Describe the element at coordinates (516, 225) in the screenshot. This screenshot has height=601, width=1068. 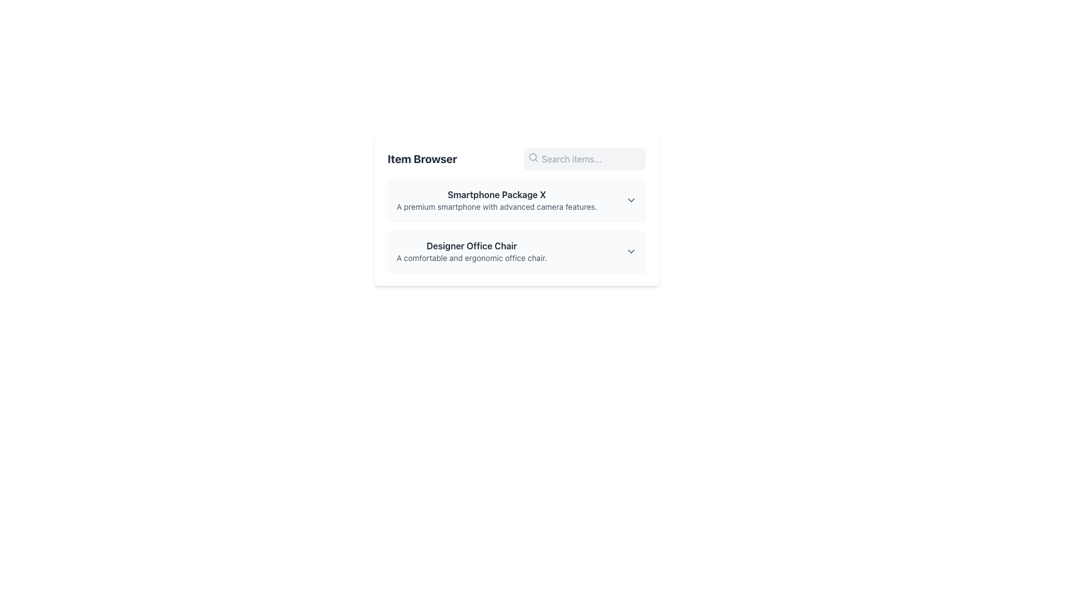
I see `a section of the List component displaying item summaries` at that location.